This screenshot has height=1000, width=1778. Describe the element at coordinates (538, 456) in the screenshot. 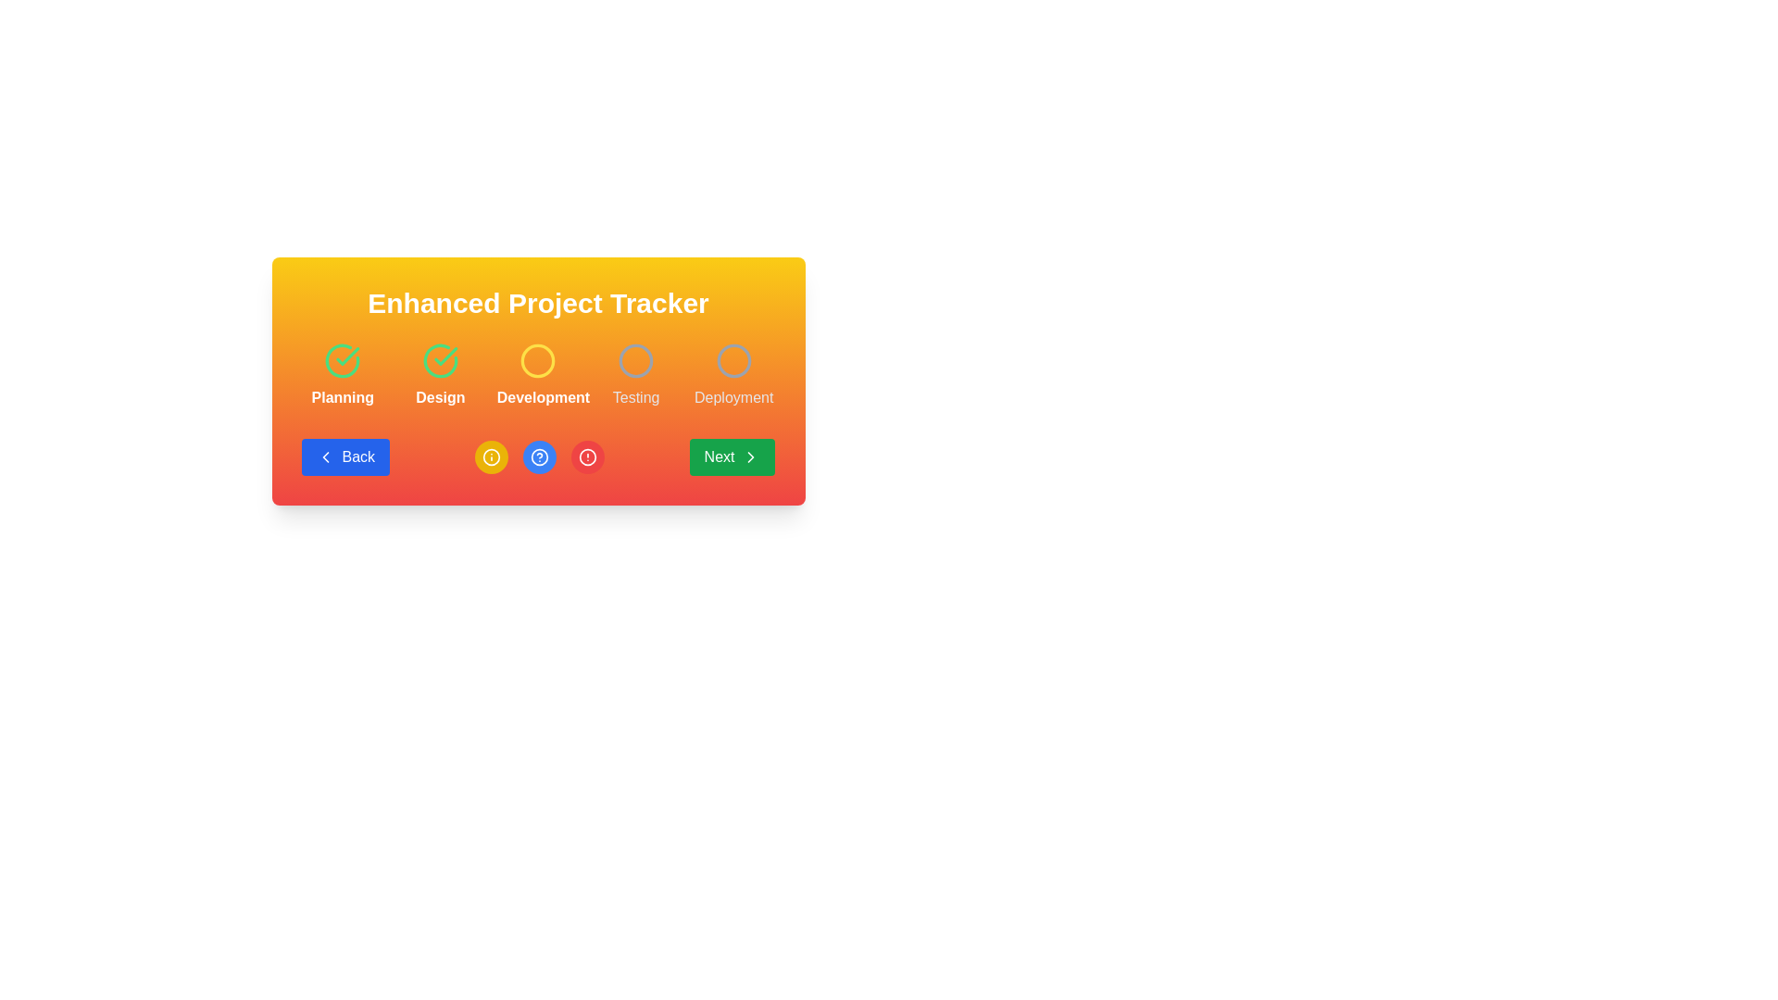

I see `the central icon button located in the bottom row of the interface` at that location.